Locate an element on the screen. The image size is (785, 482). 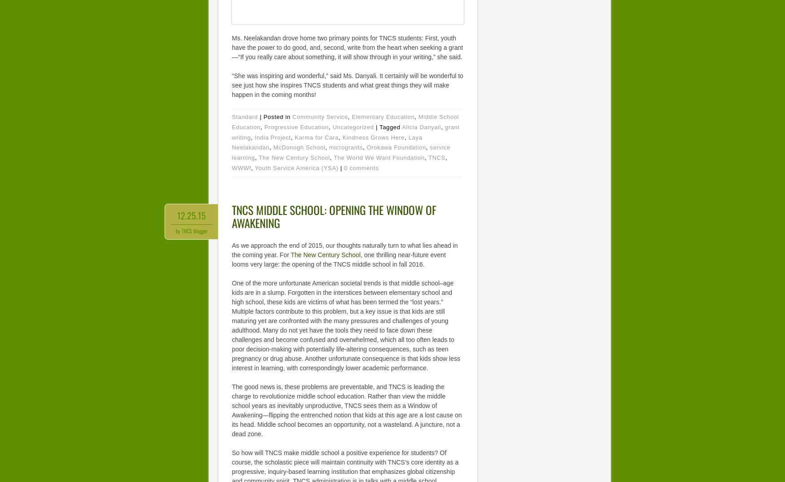
'India Project' is located at coordinates (272, 137).